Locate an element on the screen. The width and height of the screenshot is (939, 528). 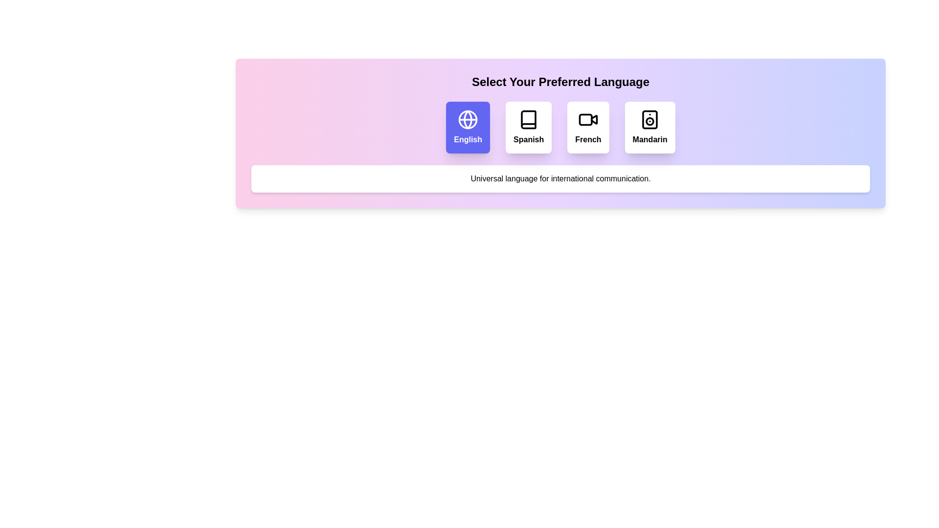
the language option French to observe the interaction feedback is located at coordinates (588, 127).